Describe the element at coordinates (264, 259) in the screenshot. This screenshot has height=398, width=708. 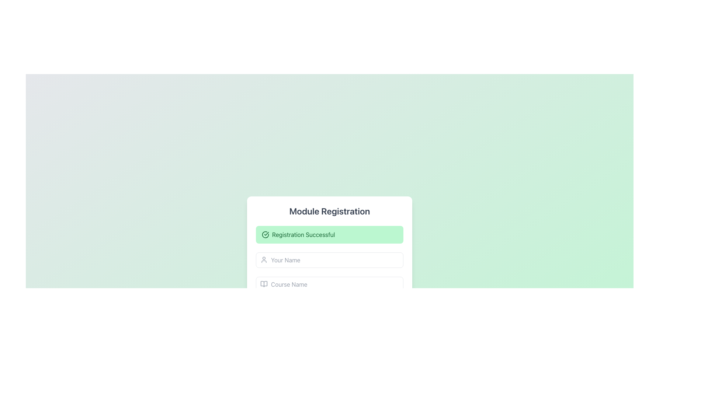
I see `the user icon located on the left-hand side of the 'Your Name' input box, which serves as a visual indicator for user identification` at that location.